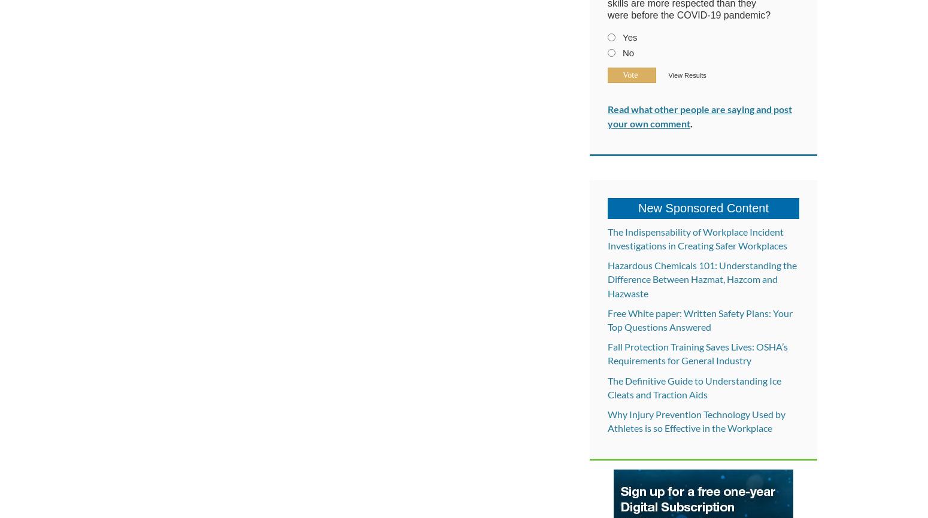 The image size is (928, 518). Describe the element at coordinates (697, 237) in the screenshot. I see `'The Indispensability of Workplace Incident Investigations in Creating Safer Workplaces'` at that location.